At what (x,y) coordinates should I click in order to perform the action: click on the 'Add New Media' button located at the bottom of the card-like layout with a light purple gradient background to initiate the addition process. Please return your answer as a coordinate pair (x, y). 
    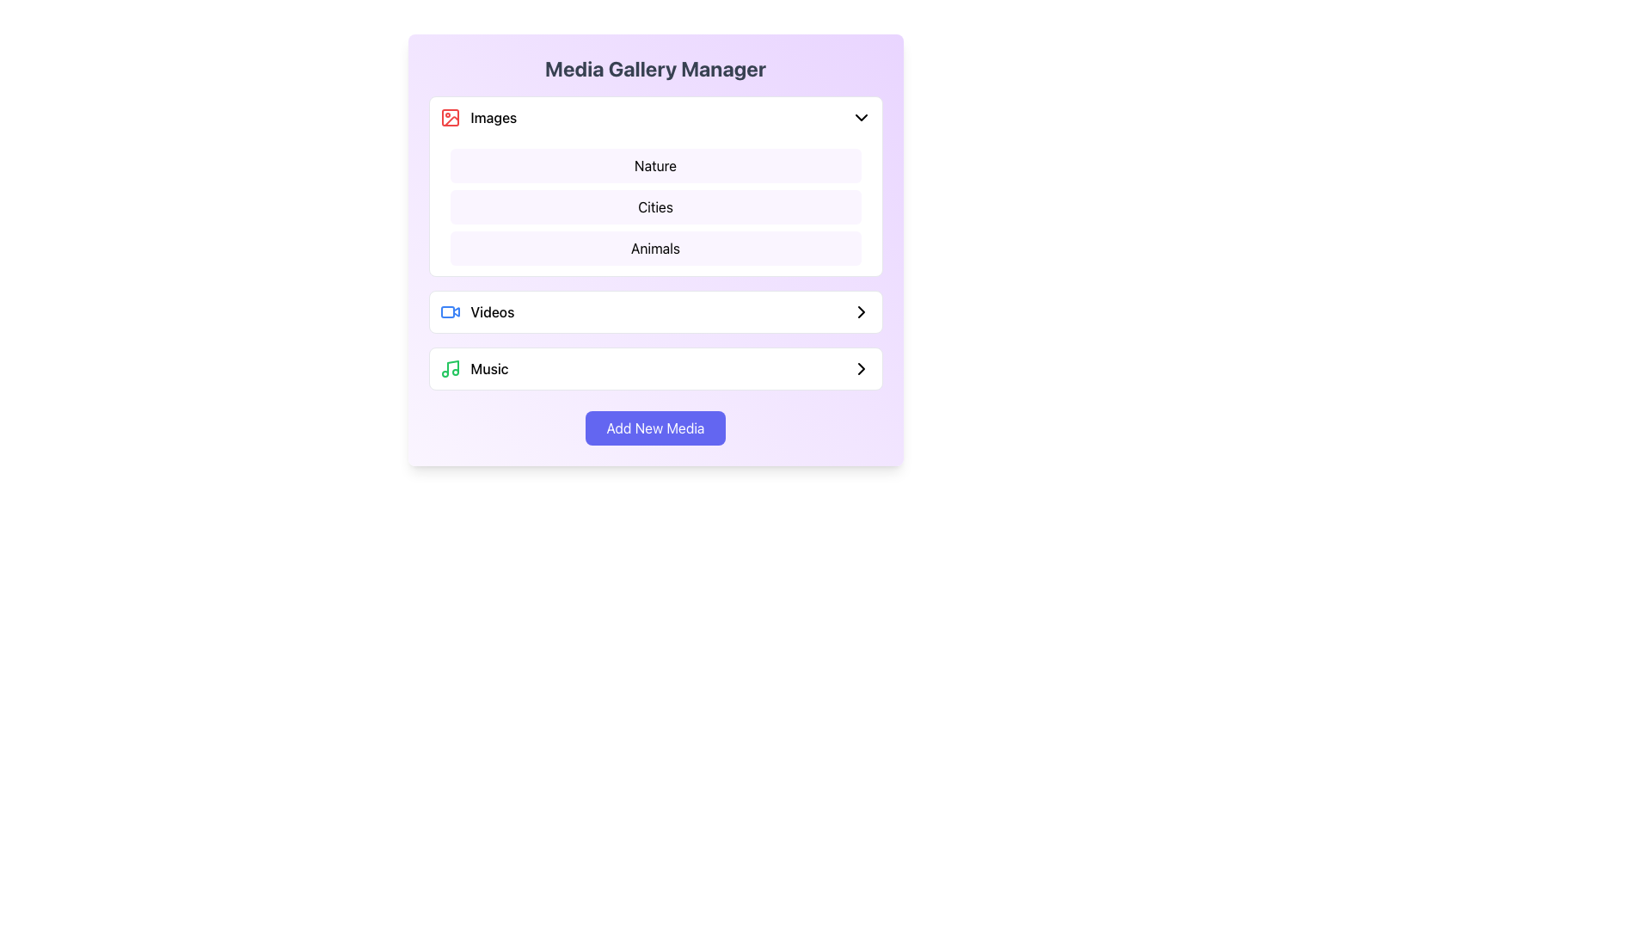
    Looking at the image, I should click on (654, 427).